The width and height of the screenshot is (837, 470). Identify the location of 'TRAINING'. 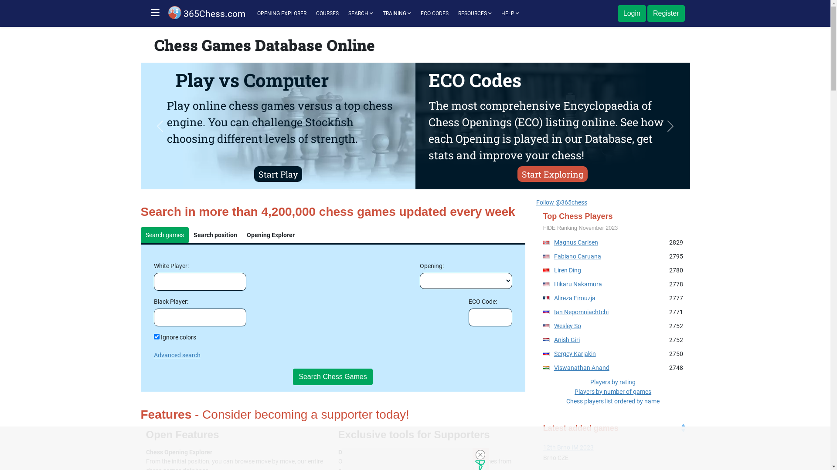
(396, 13).